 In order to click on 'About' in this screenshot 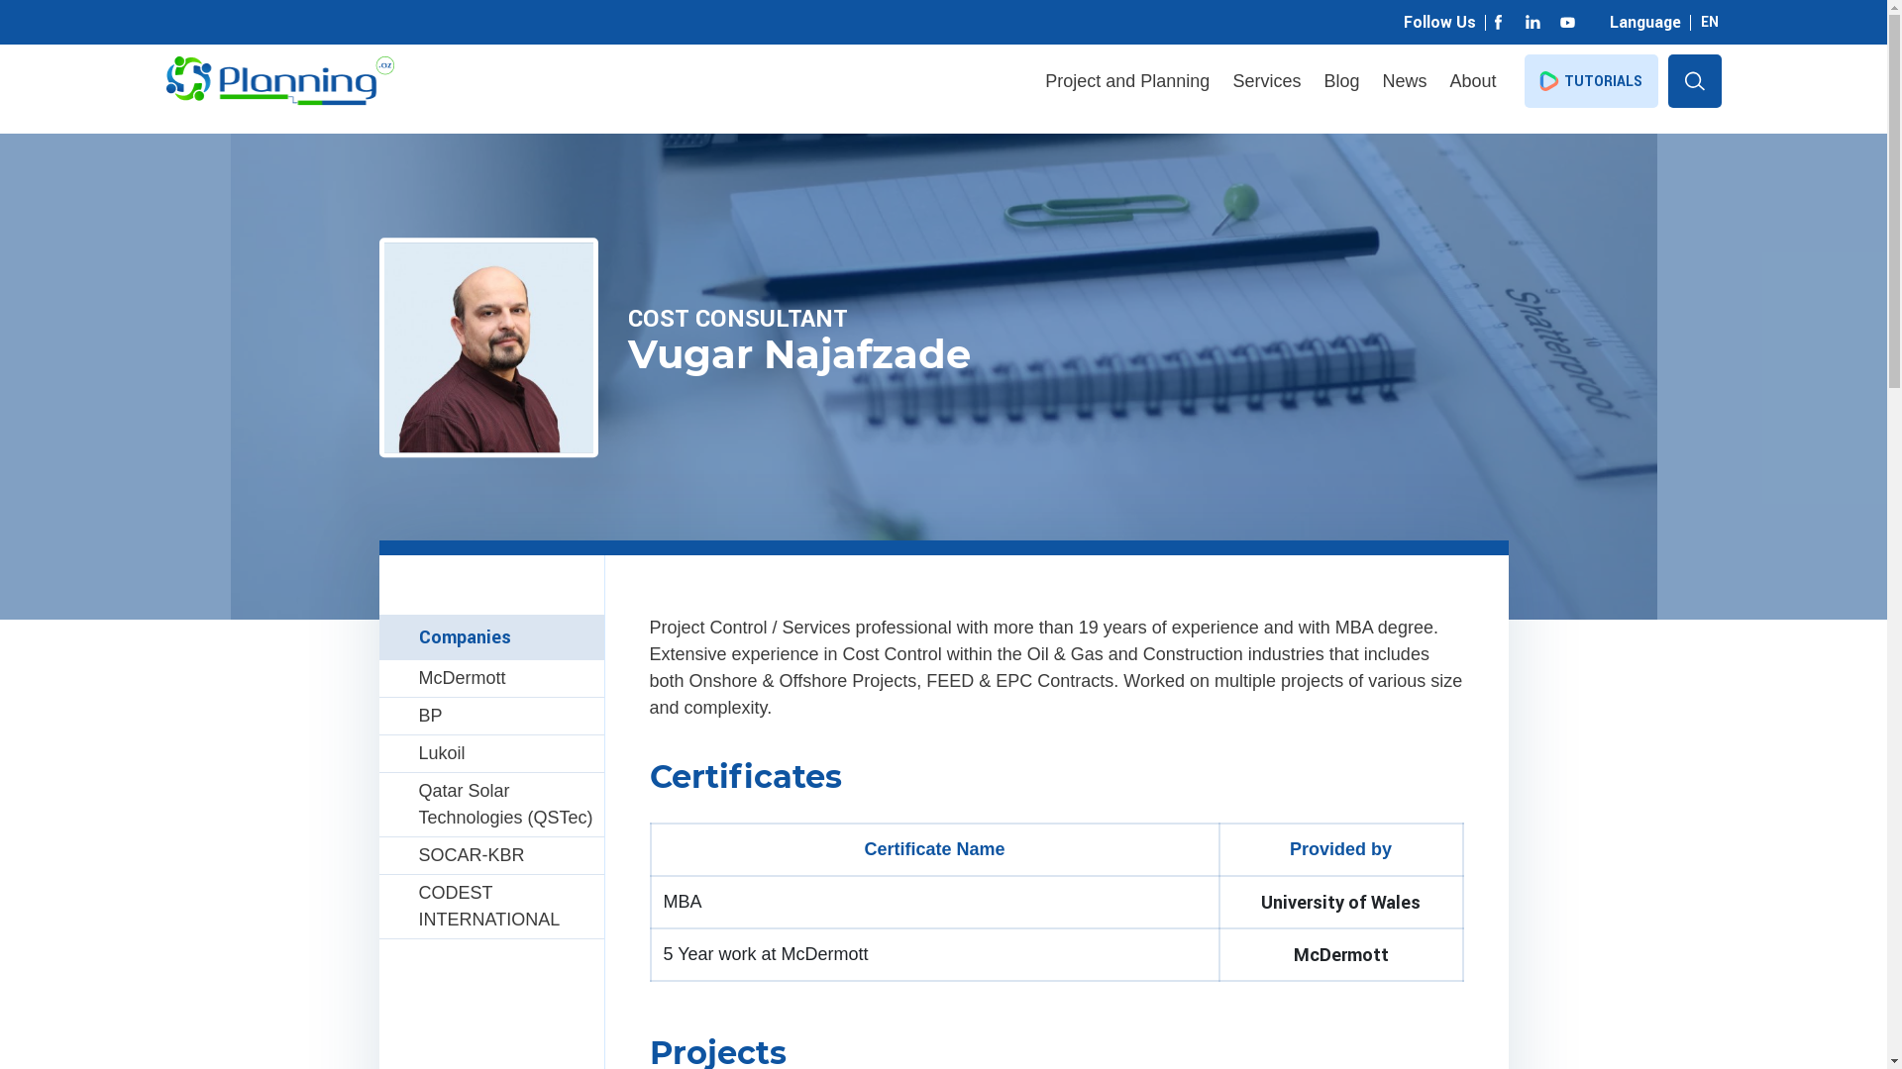, I will do `click(1472, 80)`.